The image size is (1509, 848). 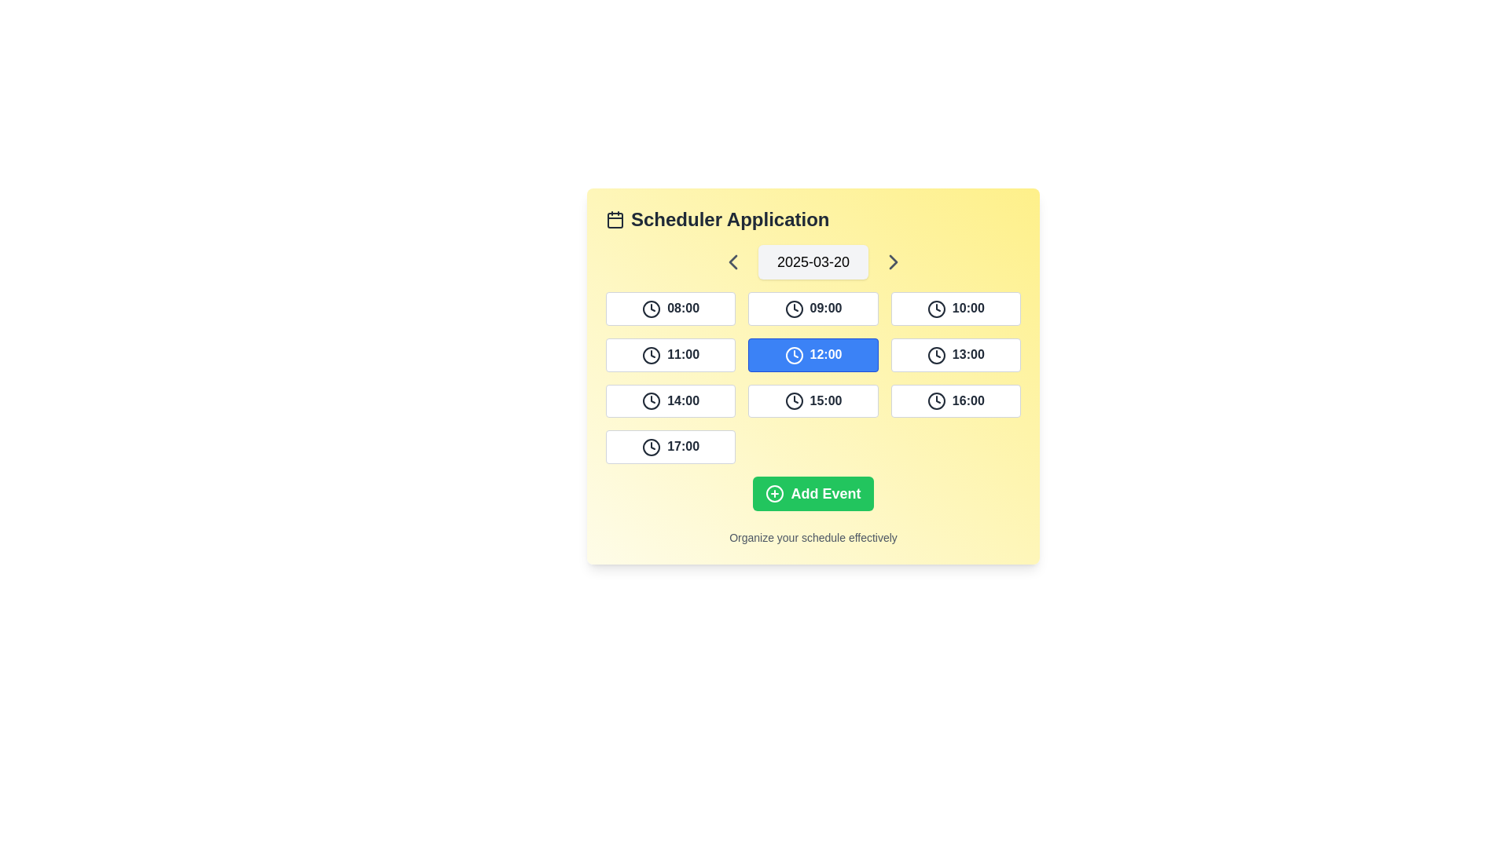 What do you see at coordinates (614, 221) in the screenshot?
I see `the Calendar icon element located in the title bar of the 'Scheduler Application' interface, which is a rounded rectangular shape with dimensions of 18x18 pixels` at bounding box center [614, 221].